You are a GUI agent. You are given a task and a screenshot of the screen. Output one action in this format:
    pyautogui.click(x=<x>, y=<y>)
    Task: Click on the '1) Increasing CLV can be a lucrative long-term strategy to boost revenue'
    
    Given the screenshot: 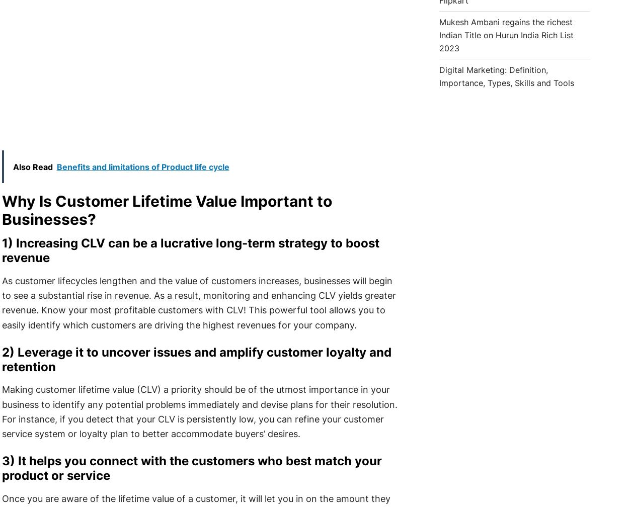 What is the action you would take?
    pyautogui.click(x=190, y=250)
    